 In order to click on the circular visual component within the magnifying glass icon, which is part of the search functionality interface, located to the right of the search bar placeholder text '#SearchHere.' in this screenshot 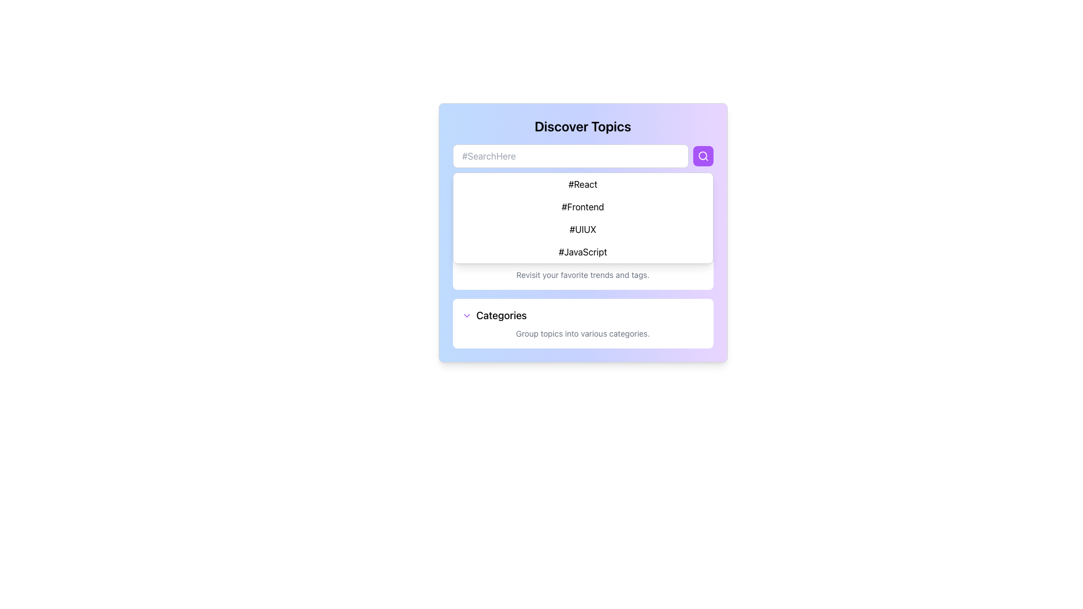, I will do `click(702, 156)`.